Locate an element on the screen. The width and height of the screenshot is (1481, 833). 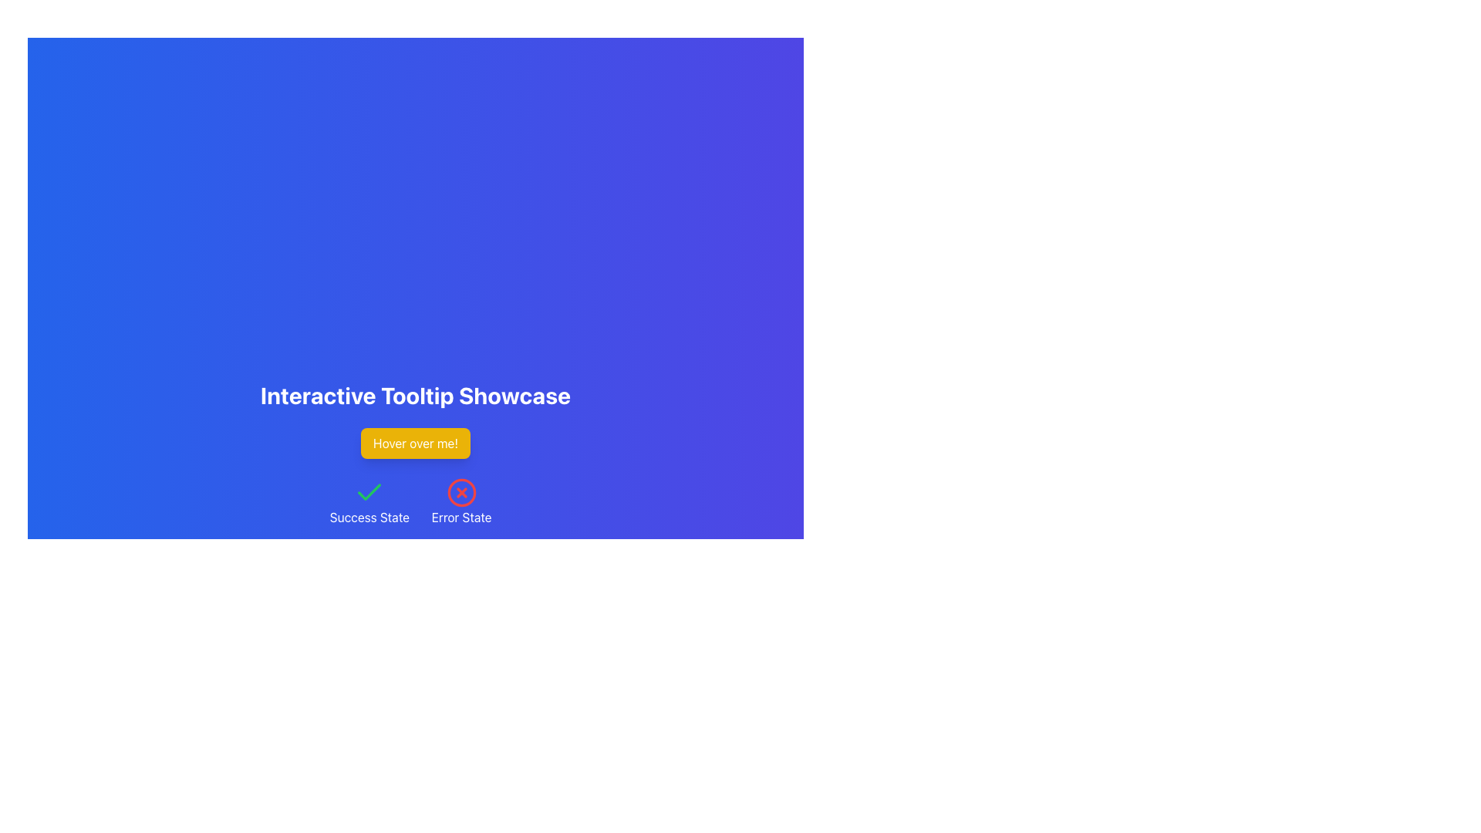
the error status text label located beneath the error icon, which indicates an error state in the interface is located at coordinates (460, 518).